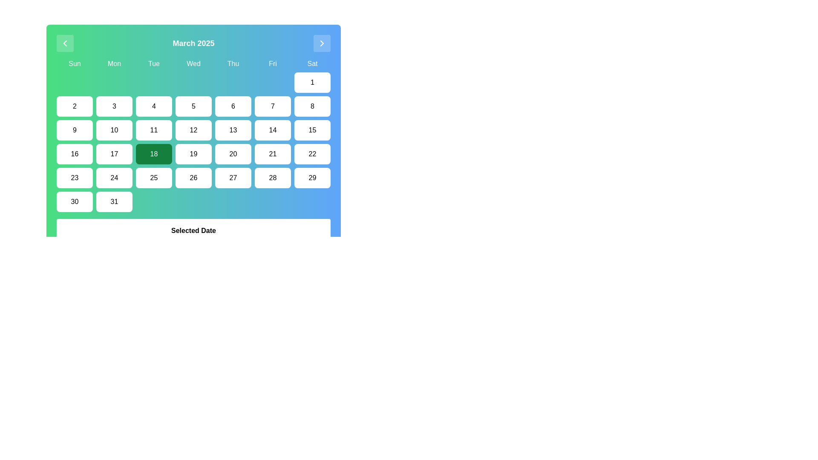 The width and height of the screenshot is (818, 460). What do you see at coordinates (193, 177) in the screenshot?
I see `the rectangular button with rounded corners containing the text '26'` at bounding box center [193, 177].